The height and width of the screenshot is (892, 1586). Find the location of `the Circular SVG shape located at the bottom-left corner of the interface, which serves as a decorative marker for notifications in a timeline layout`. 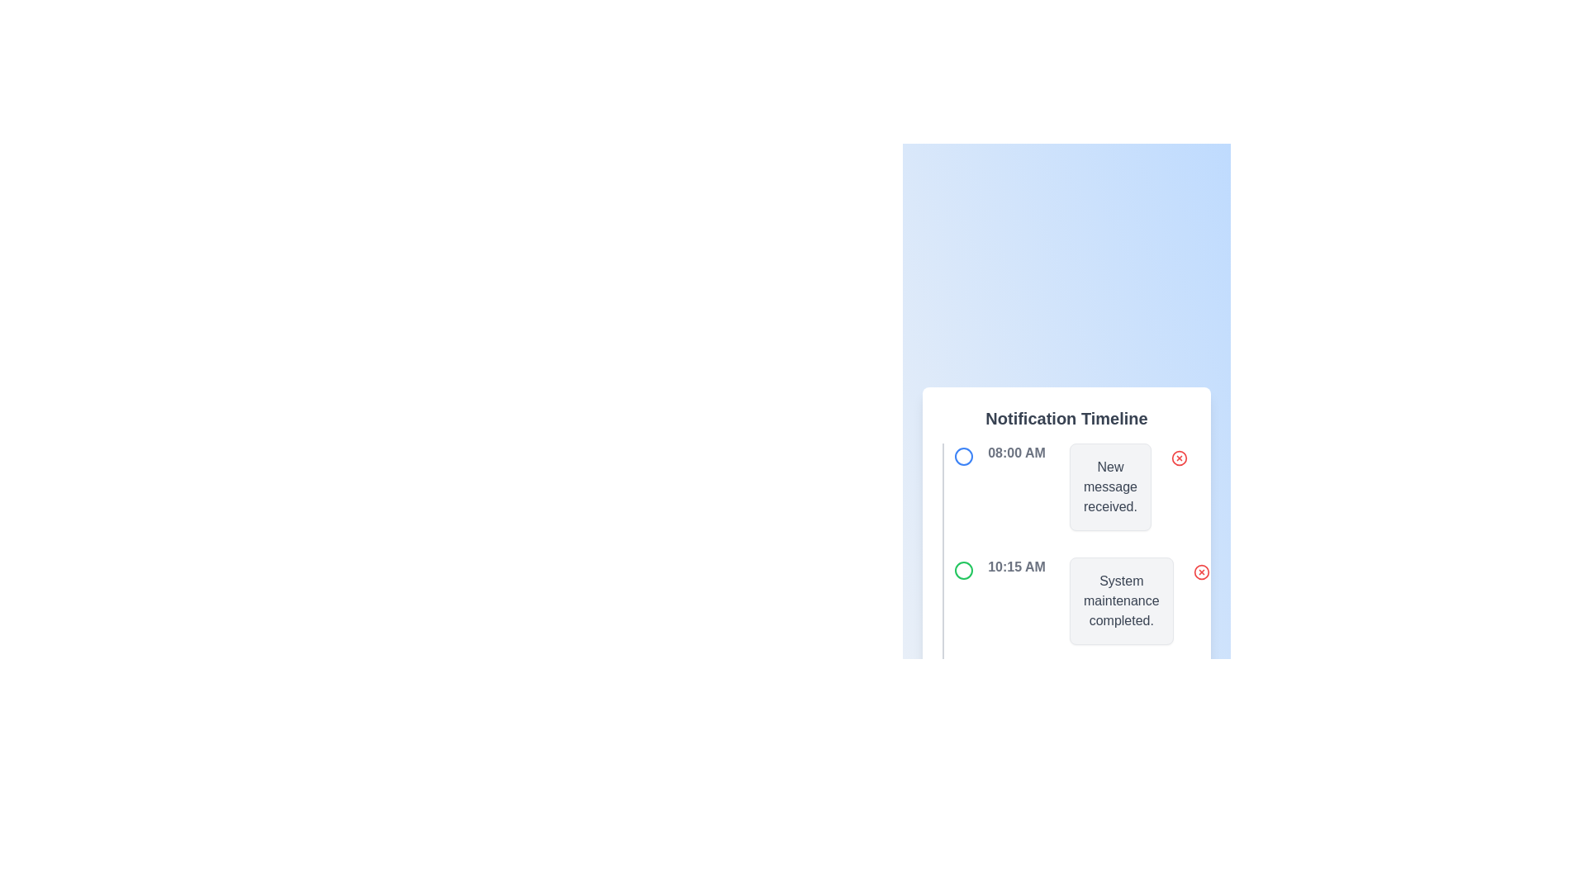

the Circular SVG shape located at the bottom-left corner of the interface, which serves as a decorative marker for notifications in a timeline layout is located at coordinates (963, 685).